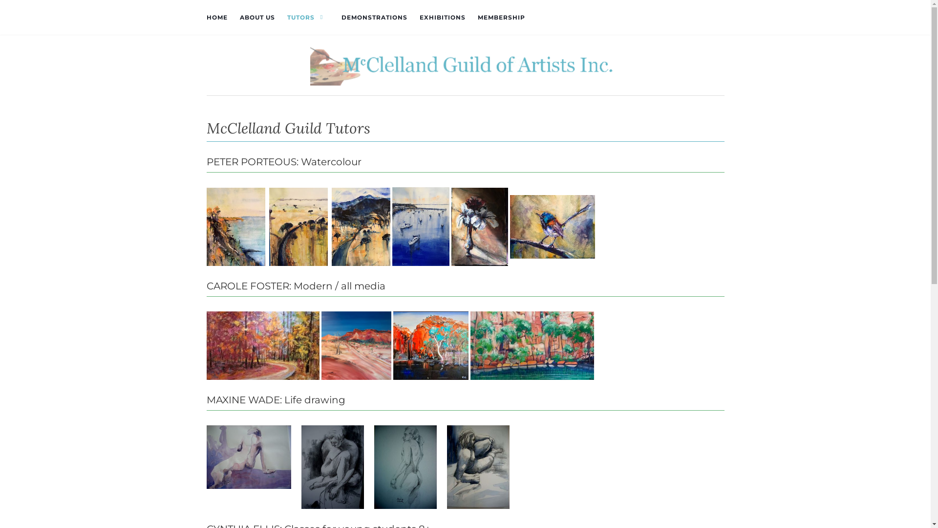 This screenshot has height=528, width=938. I want to click on 'TUTORS', so click(307, 17).